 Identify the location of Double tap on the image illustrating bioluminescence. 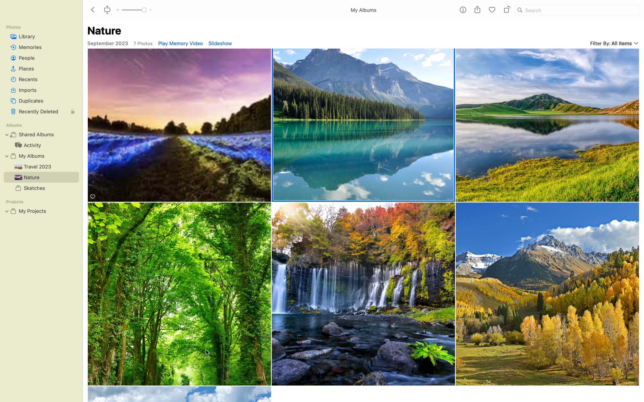
(179, 125).